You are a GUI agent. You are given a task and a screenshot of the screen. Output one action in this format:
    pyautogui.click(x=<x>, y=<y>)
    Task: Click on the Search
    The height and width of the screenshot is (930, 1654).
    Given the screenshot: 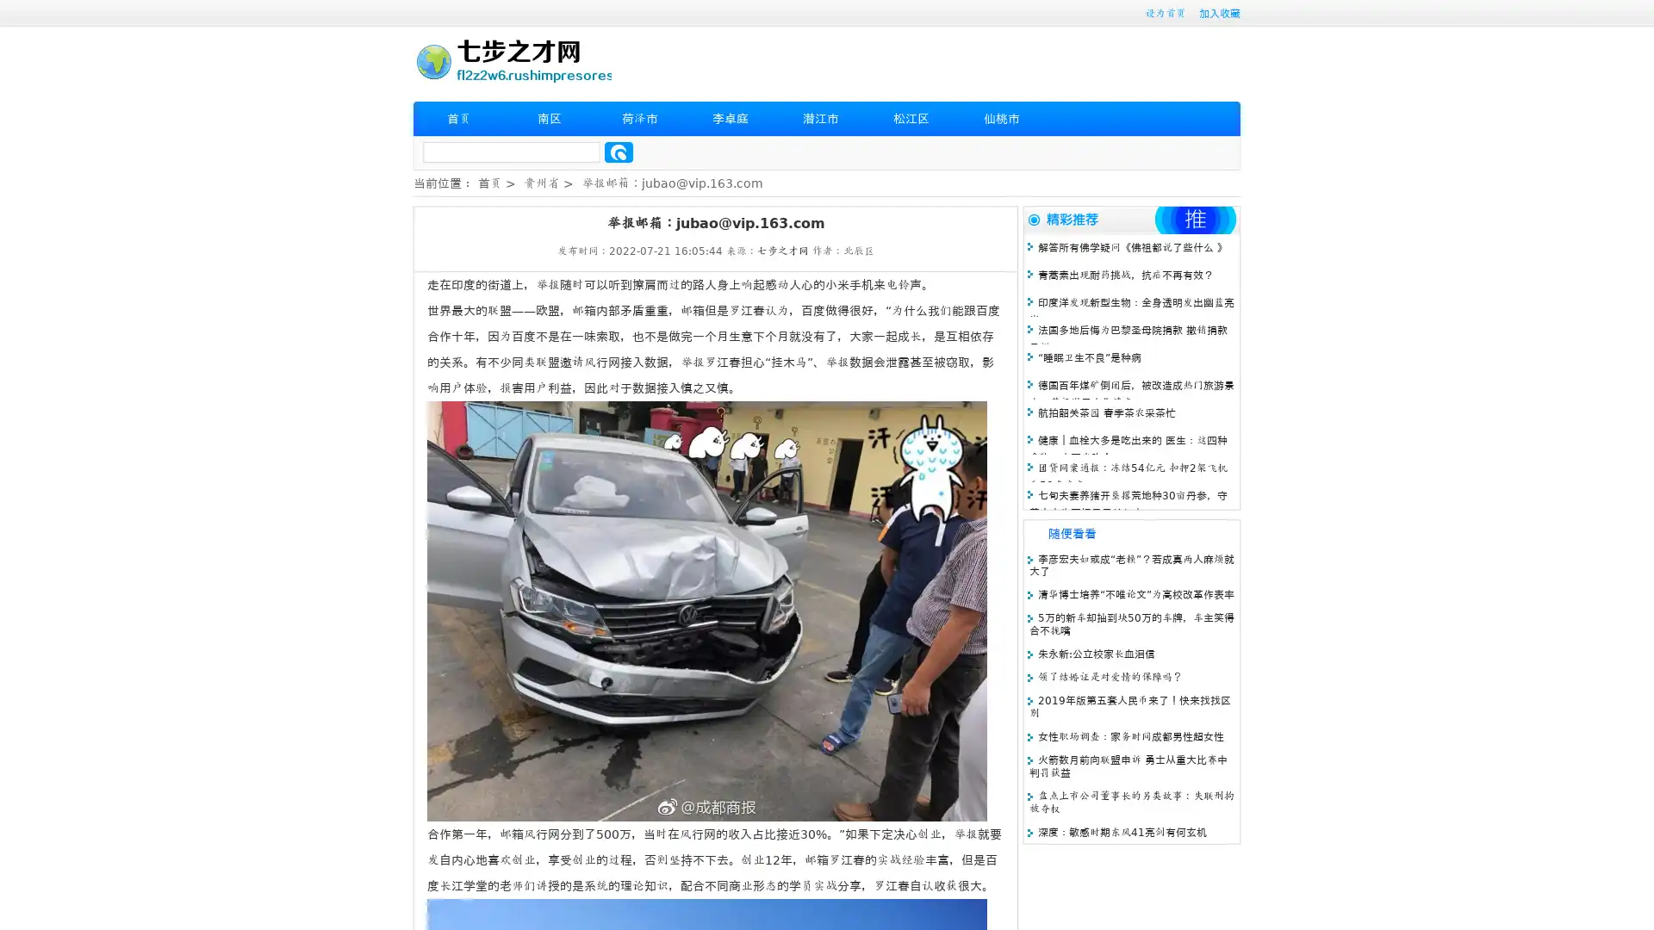 What is the action you would take?
    pyautogui.click(x=619, y=152)
    